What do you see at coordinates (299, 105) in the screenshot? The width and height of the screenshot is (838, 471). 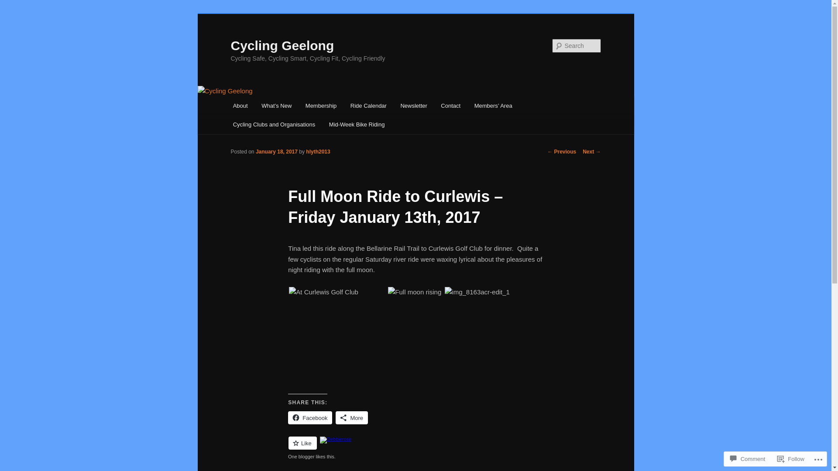 I see `'Membership'` at bounding box center [299, 105].